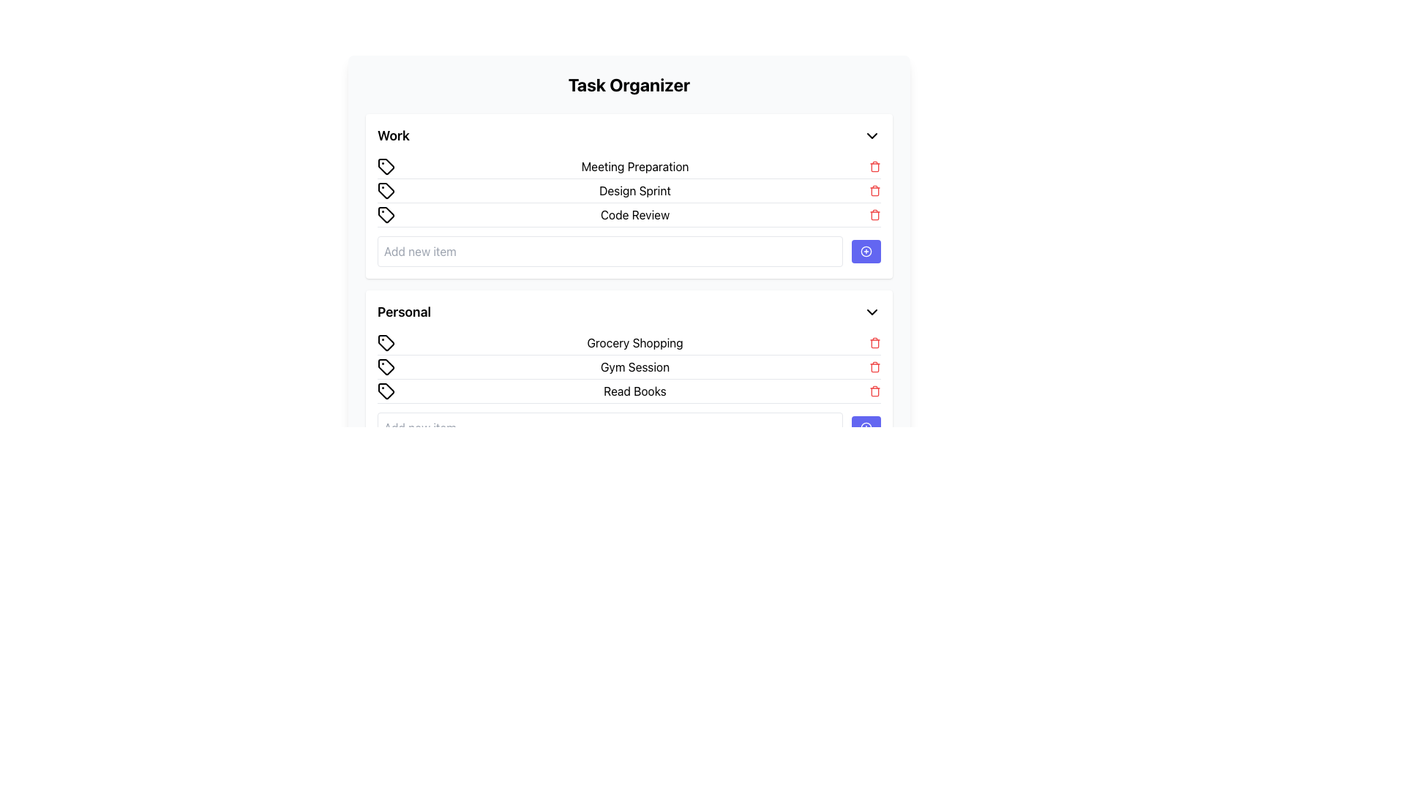 This screenshot has height=790, width=1405. Describe the element at coordinates (386, 214) in the screenshot. I see `the third tag icon in the 'Work' section of the task organizer list, which visually indicates the 'Code Review' task` at that location.